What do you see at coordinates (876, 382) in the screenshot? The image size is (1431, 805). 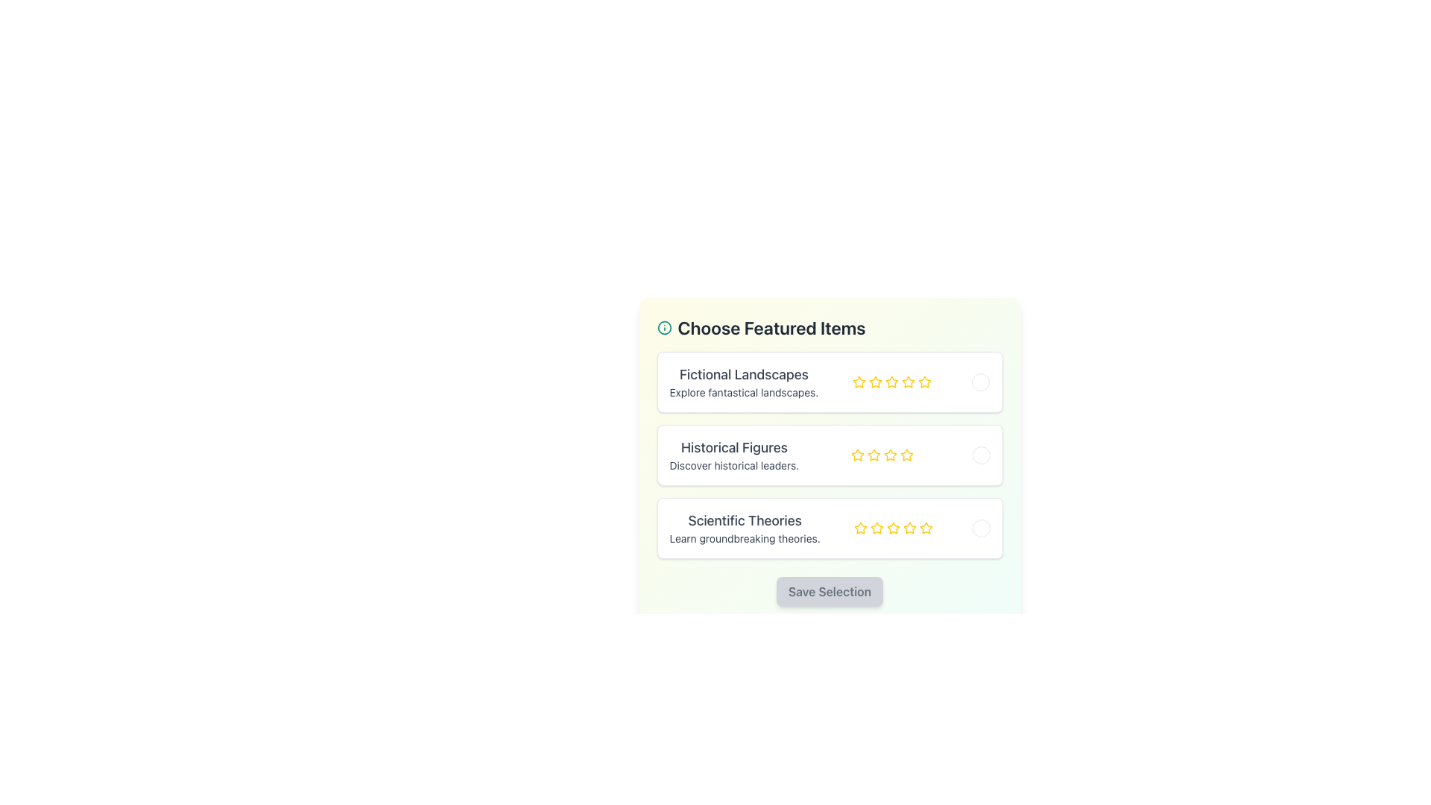 I see `the second star icon in the 'Fictional Landscapes' rating feature to assign a rating of two stars` at bounding box center [876, 382].